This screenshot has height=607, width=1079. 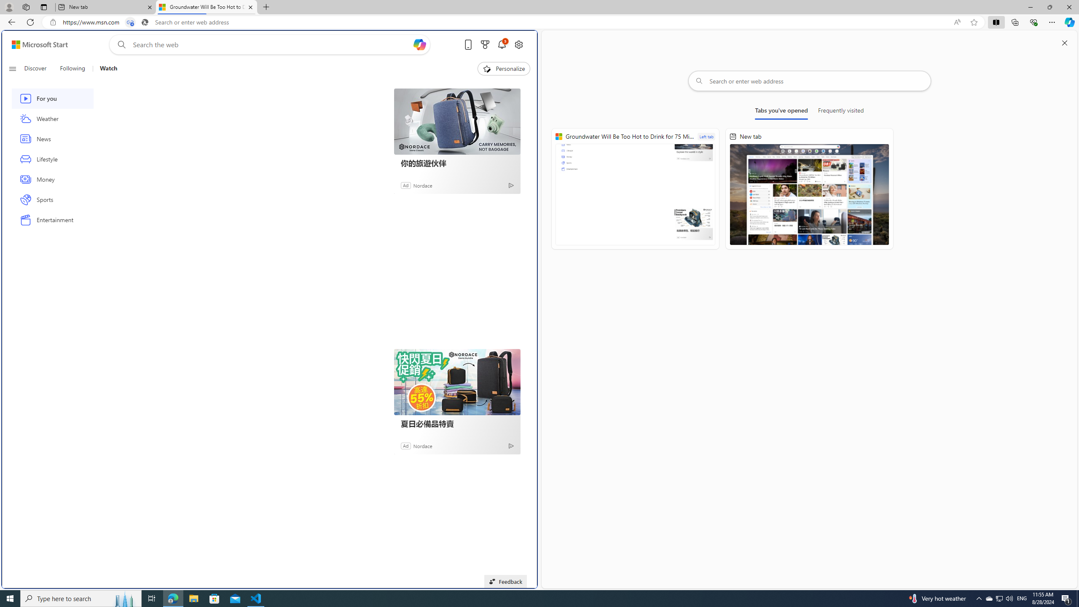 I want to click on 'Close', so click(x=1068, y=7).